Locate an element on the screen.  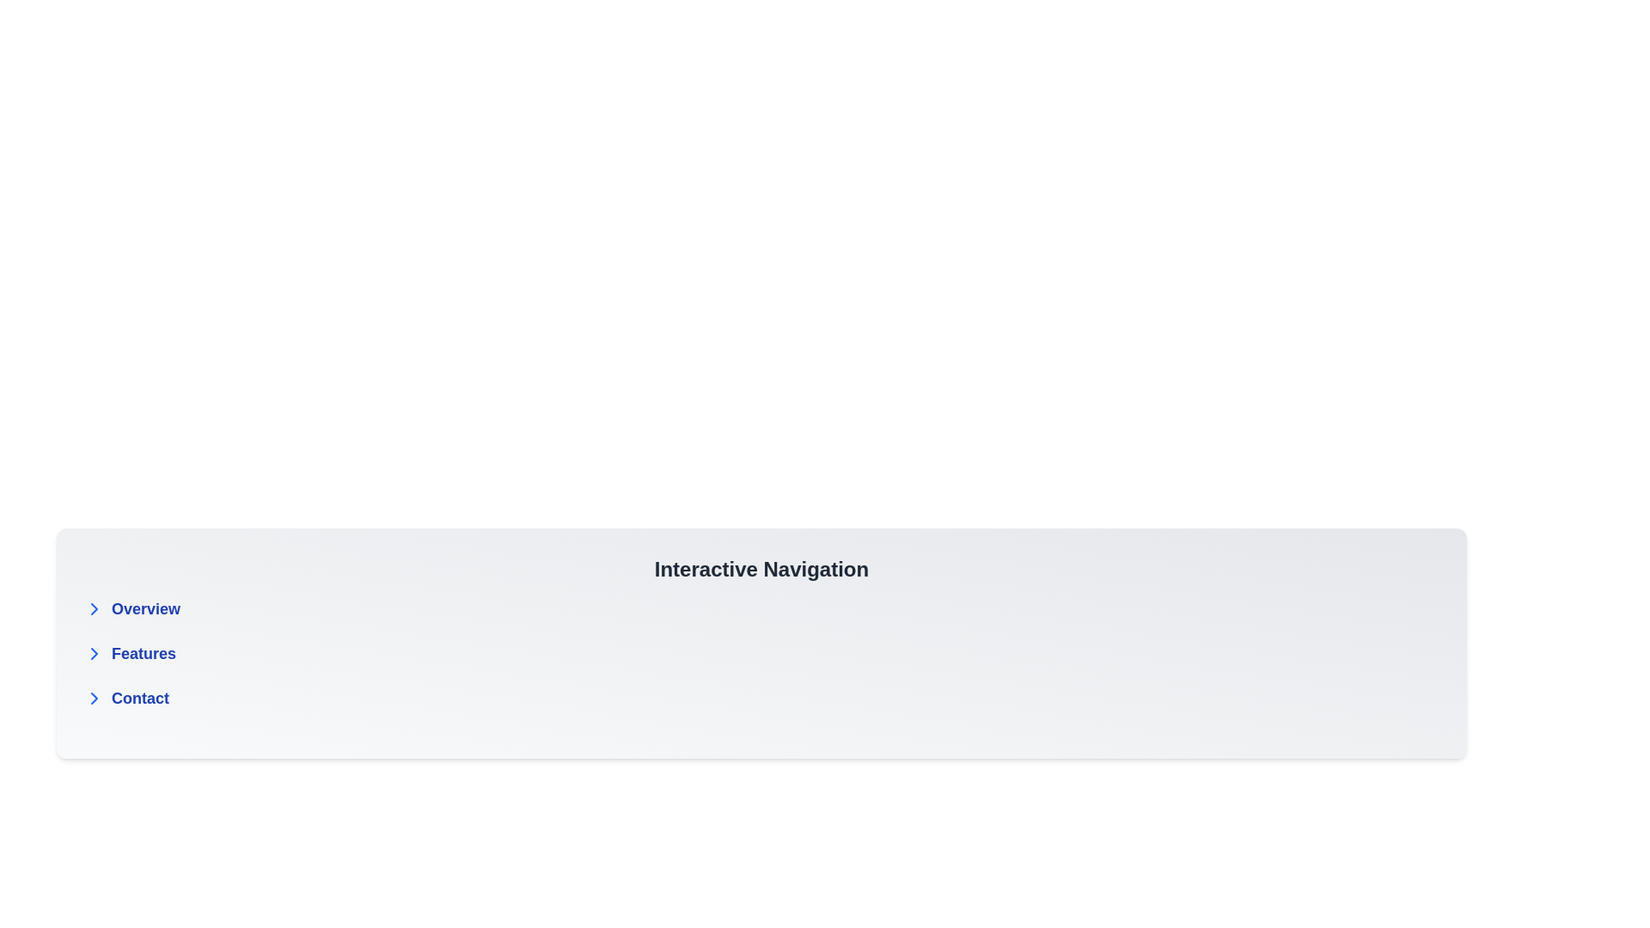
the blue-colored 'Contact' text label in the navigation menu is located at coordinates (140, 699).